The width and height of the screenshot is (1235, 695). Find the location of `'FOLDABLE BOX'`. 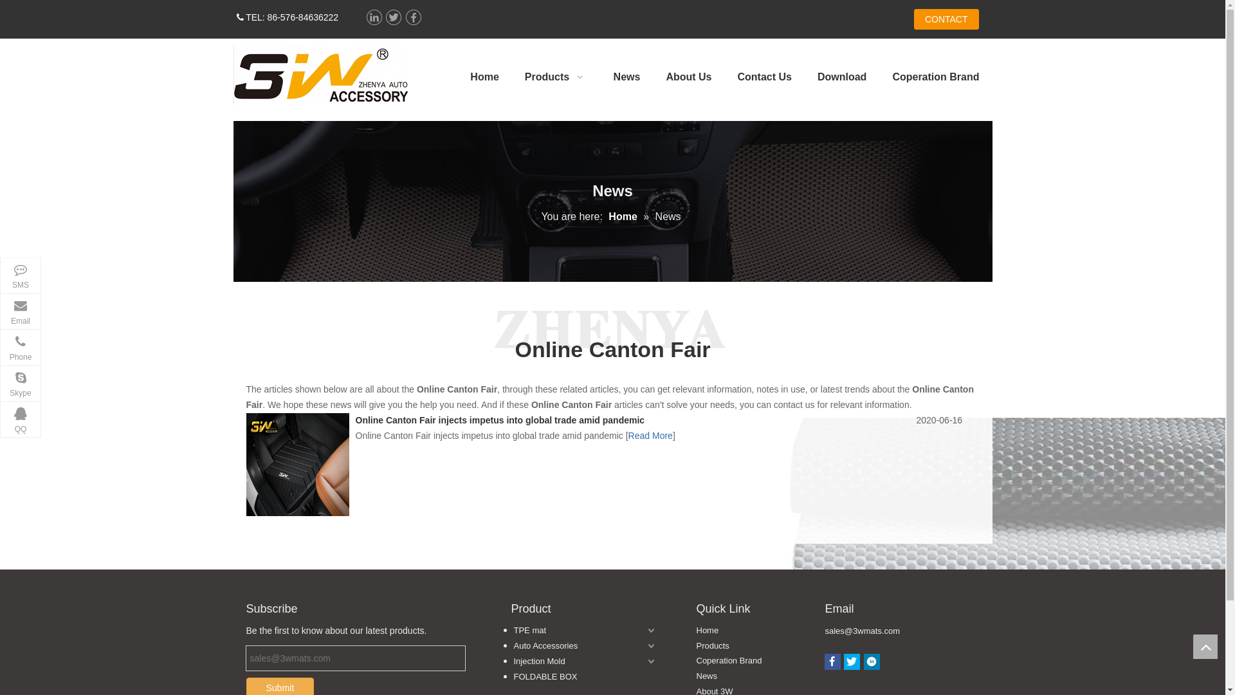

'FOLDABLE BOX' is located at coordinates (580, 676).